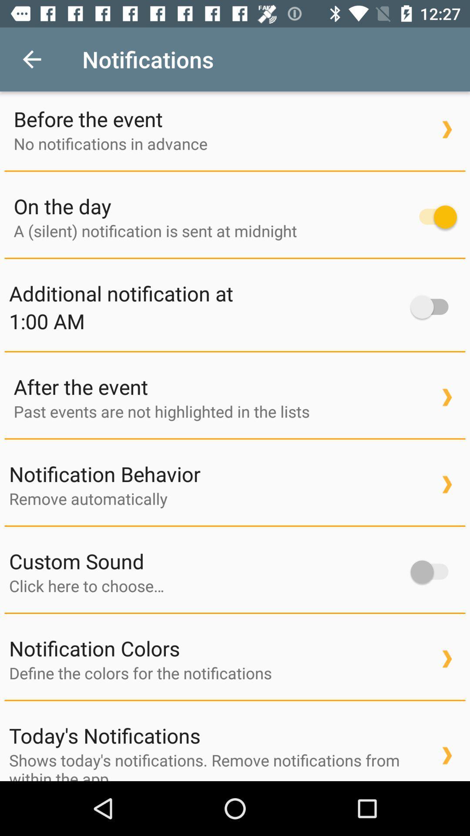 This screenshot has width=470, height=836. I want to click on because back devicer, so click(205, 586).